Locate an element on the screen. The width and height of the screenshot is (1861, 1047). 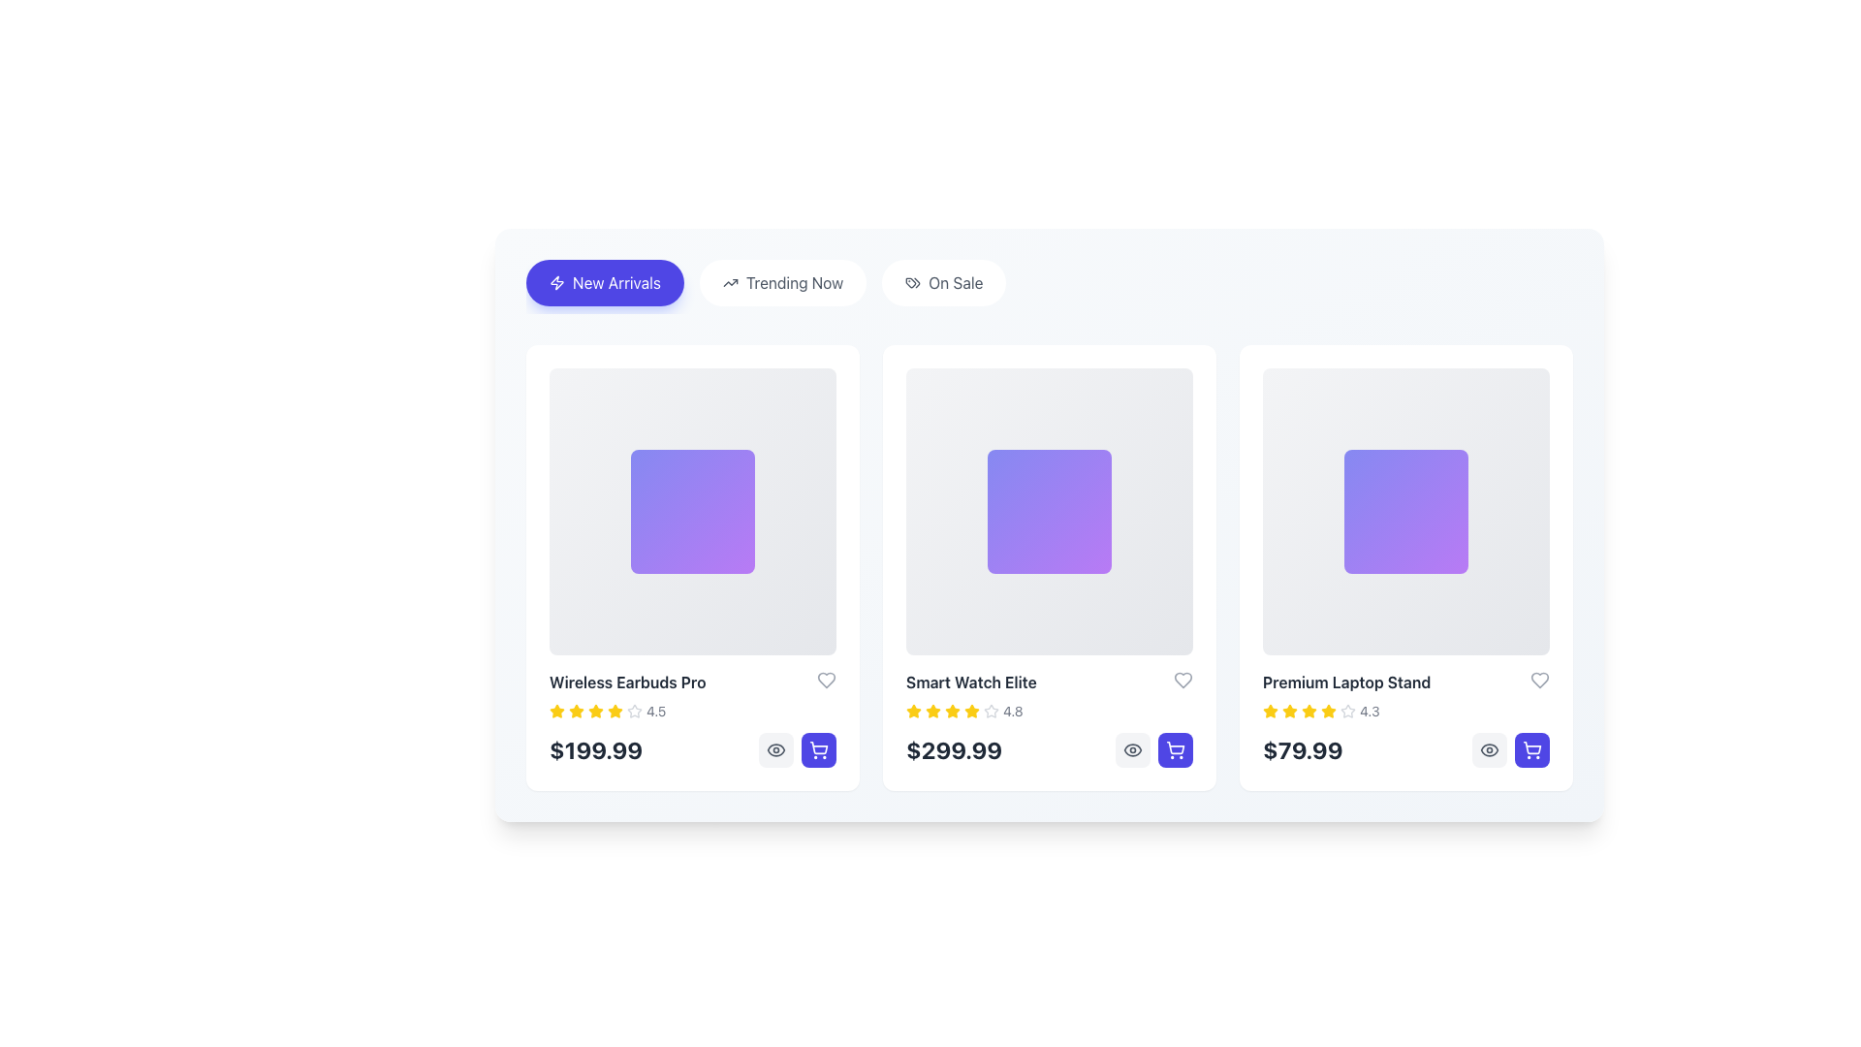
the text label reading 'Wireless Earbuds Pro', which is styled in bold dark gray and positioned in the first product card below the product image is located at coordinates (627, 682).